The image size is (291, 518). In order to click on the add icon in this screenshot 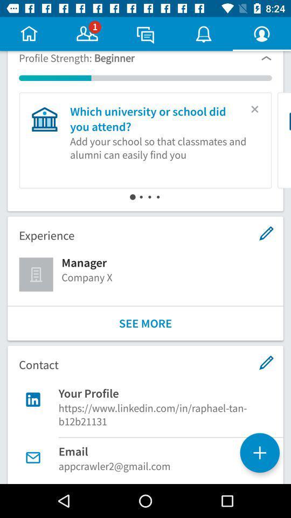, I will do `click(259, 453)`.